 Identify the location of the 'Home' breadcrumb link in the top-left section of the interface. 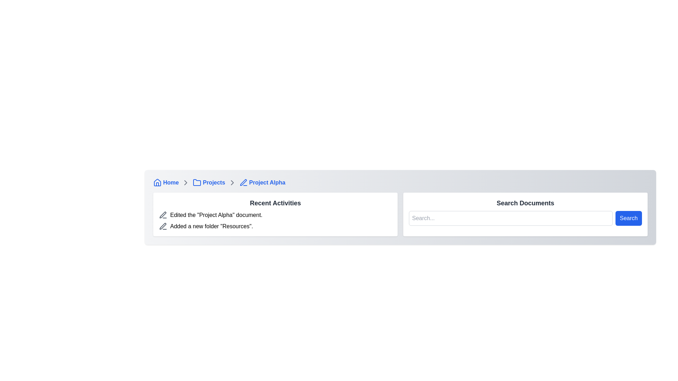
(172, 182).